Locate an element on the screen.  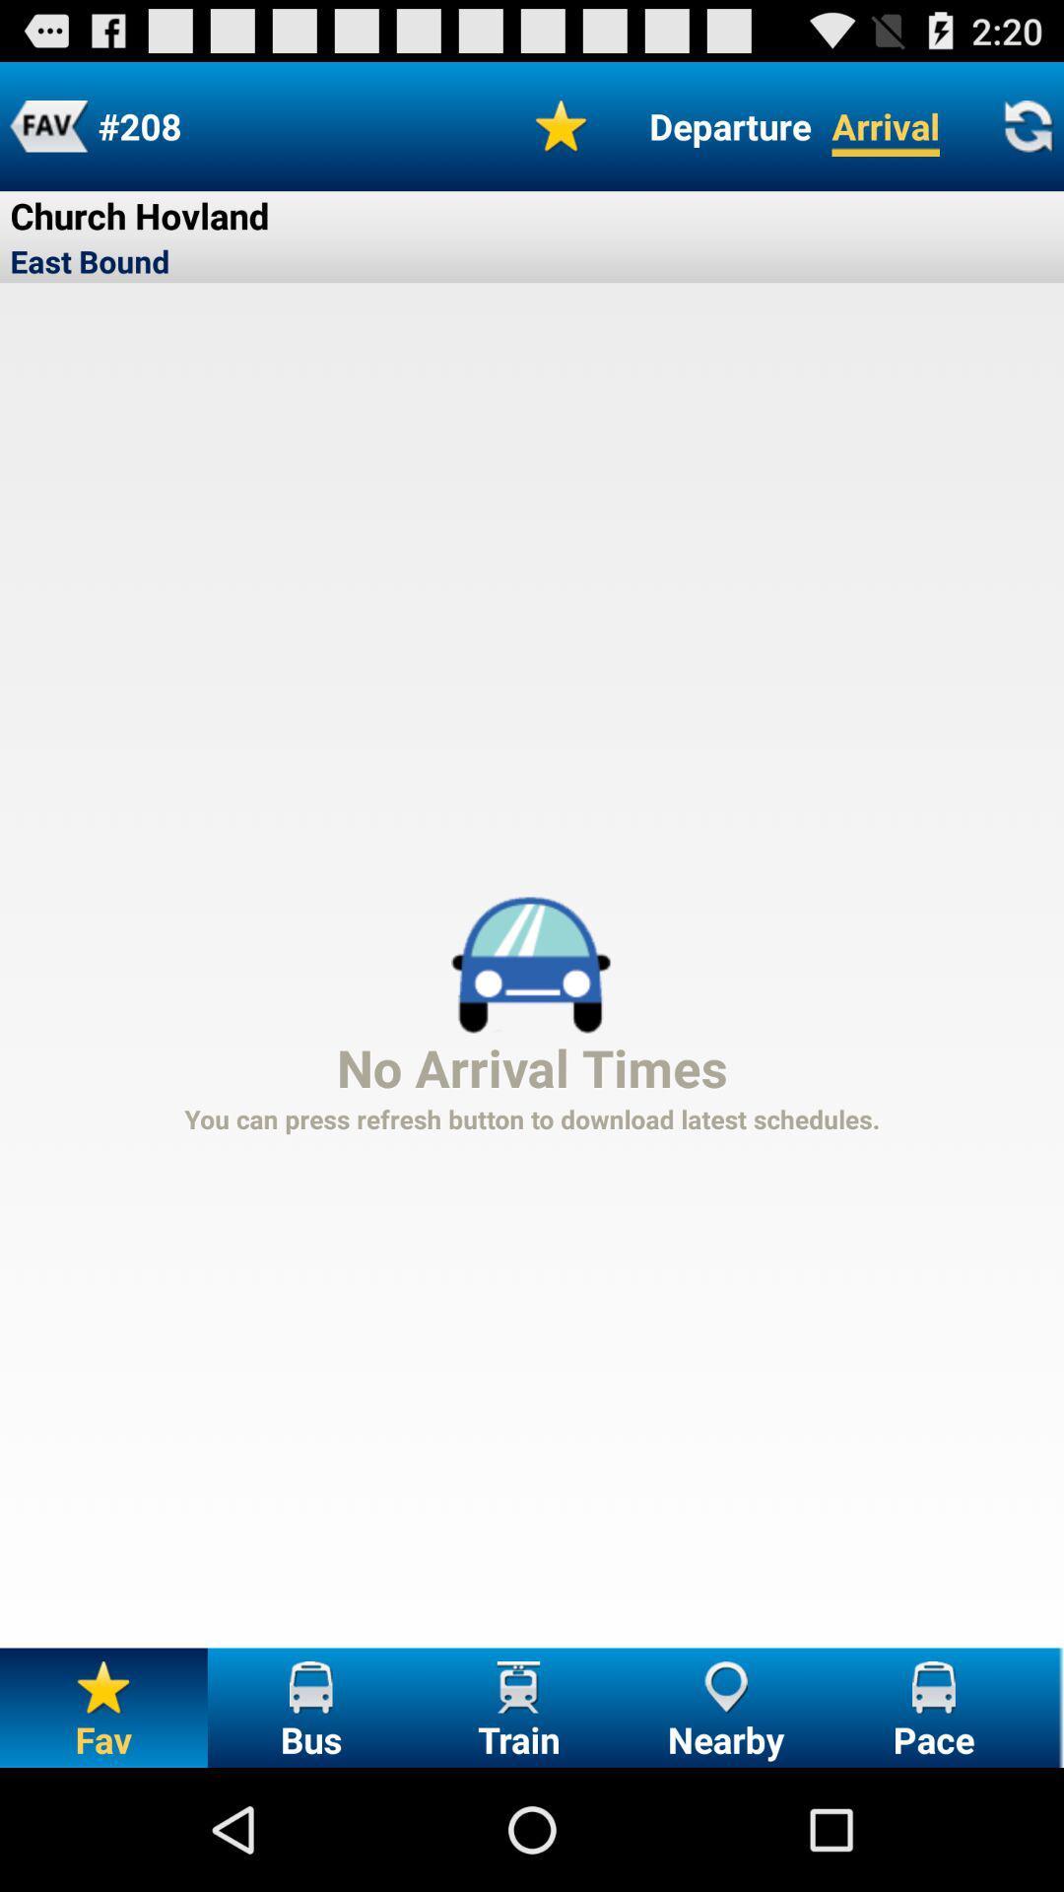
the icon next to the departure icon is located at coordinates (562, 125).